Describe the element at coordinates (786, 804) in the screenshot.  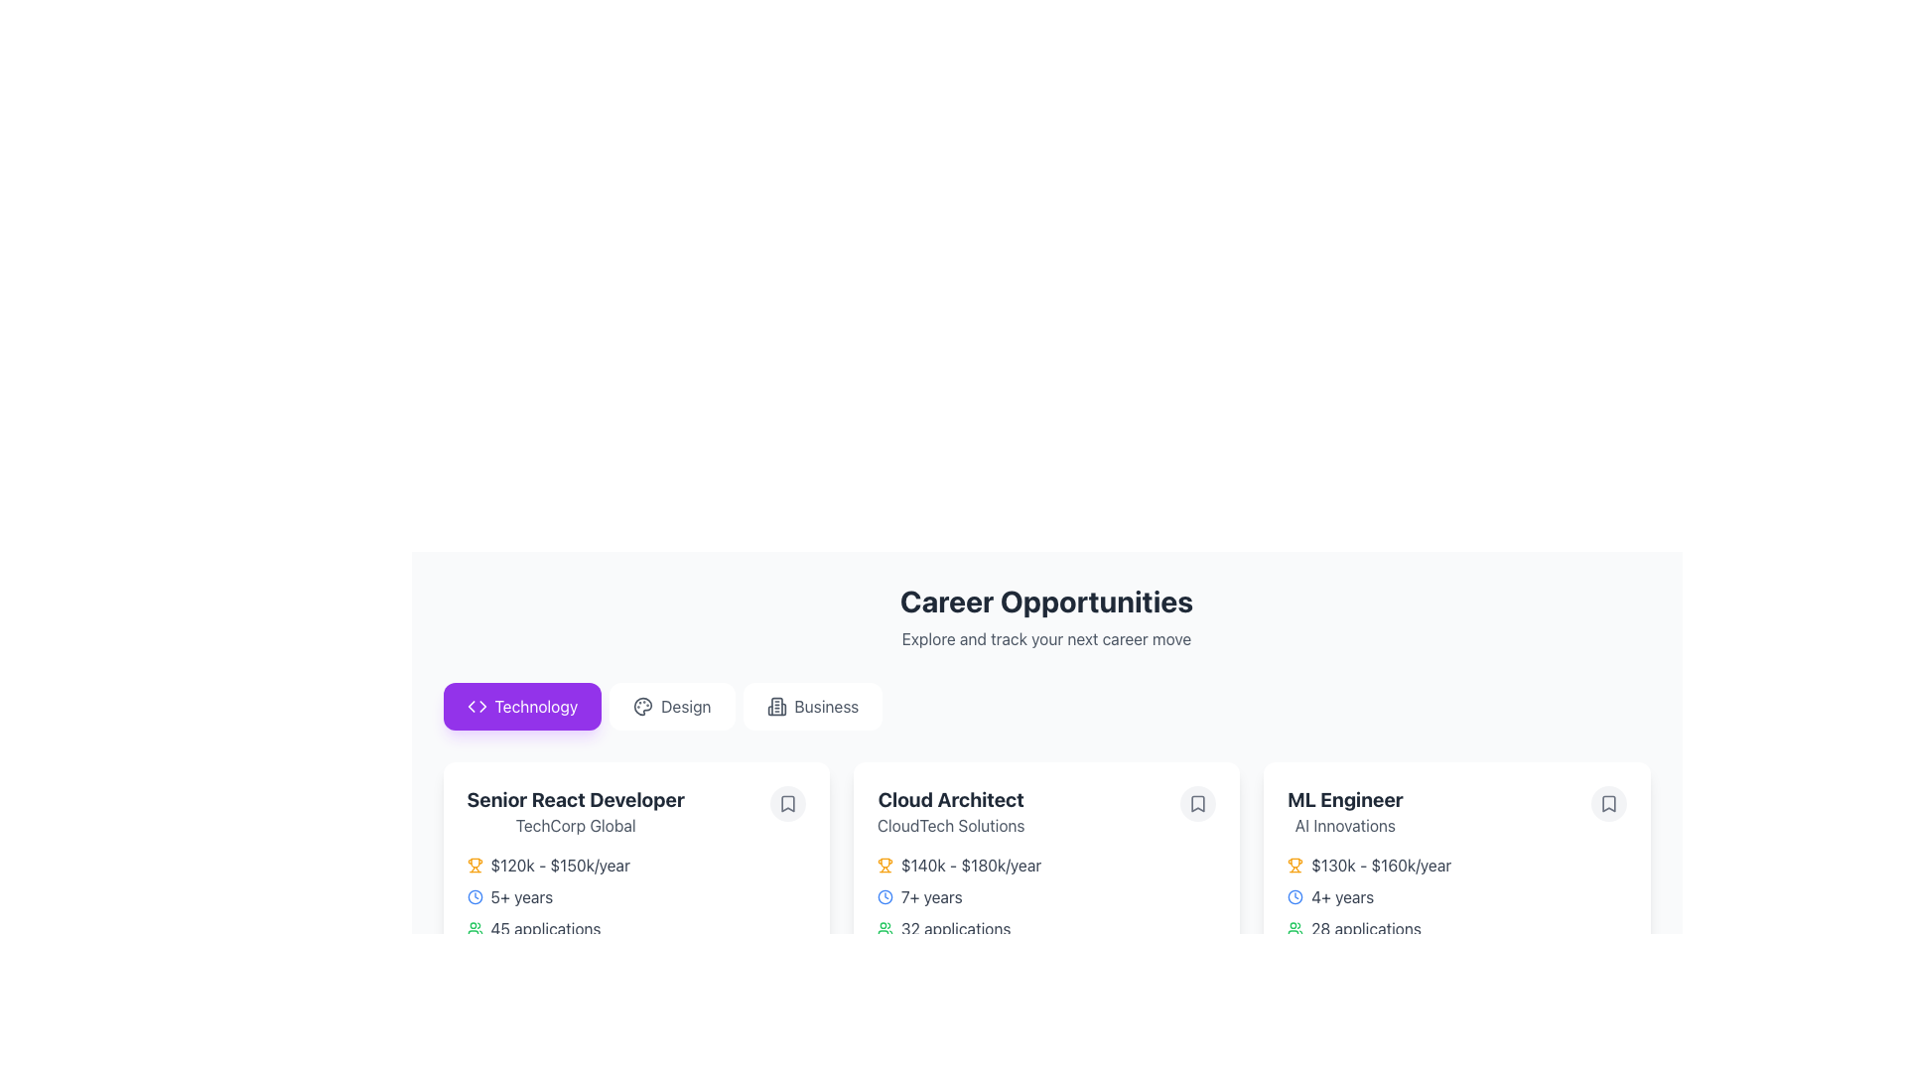
I see `the bookmark icon located at the top-right corner of the 'Cloud Architect' card` at that location.